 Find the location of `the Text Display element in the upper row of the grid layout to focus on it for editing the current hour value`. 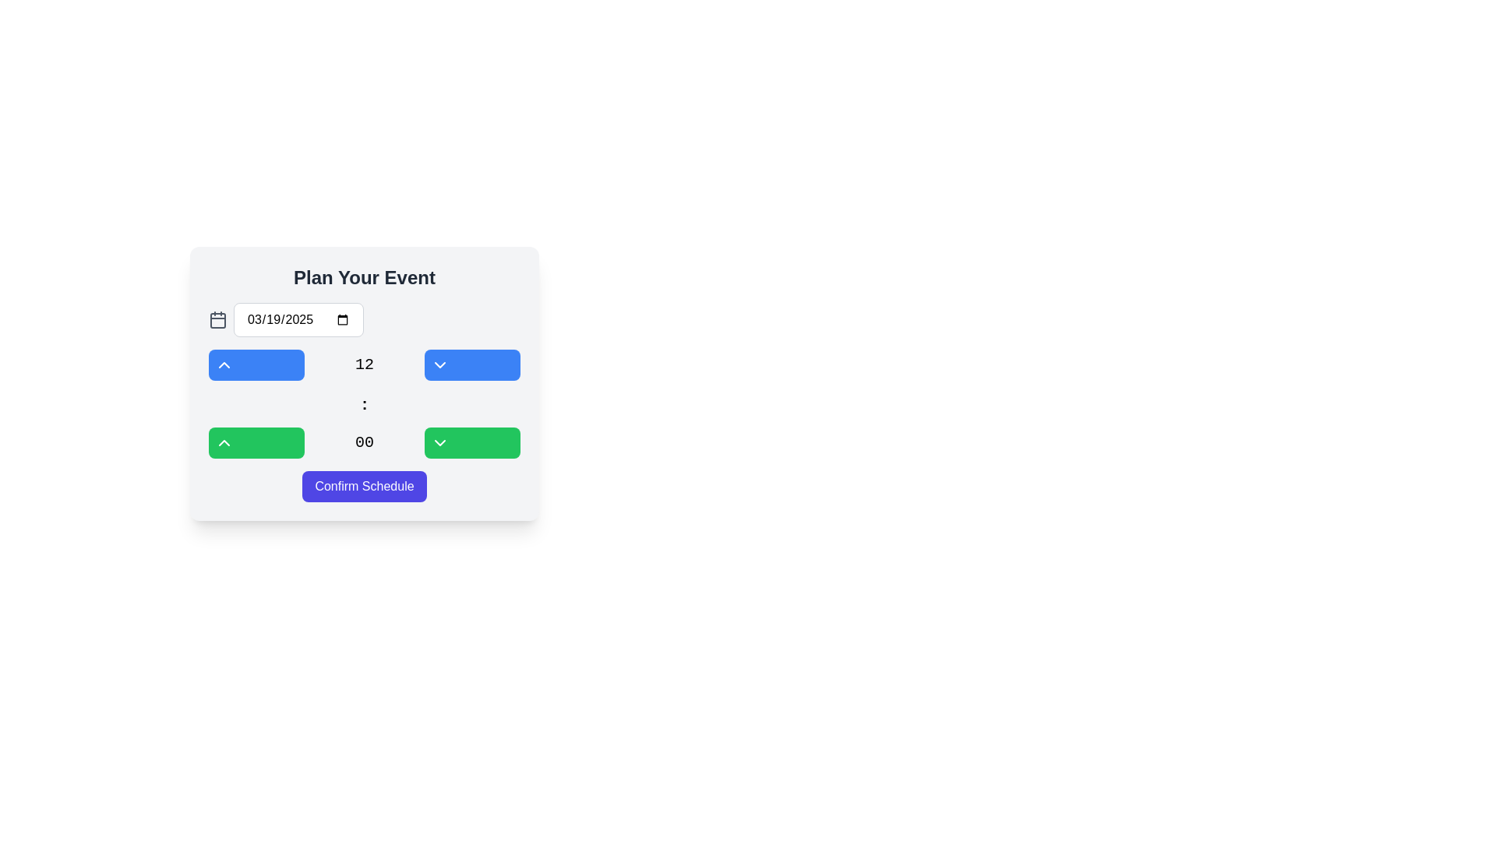

the Text Display element in the upper row of the grid layout to focus on it for editing the current hour value is located at coordinates (363, 365).